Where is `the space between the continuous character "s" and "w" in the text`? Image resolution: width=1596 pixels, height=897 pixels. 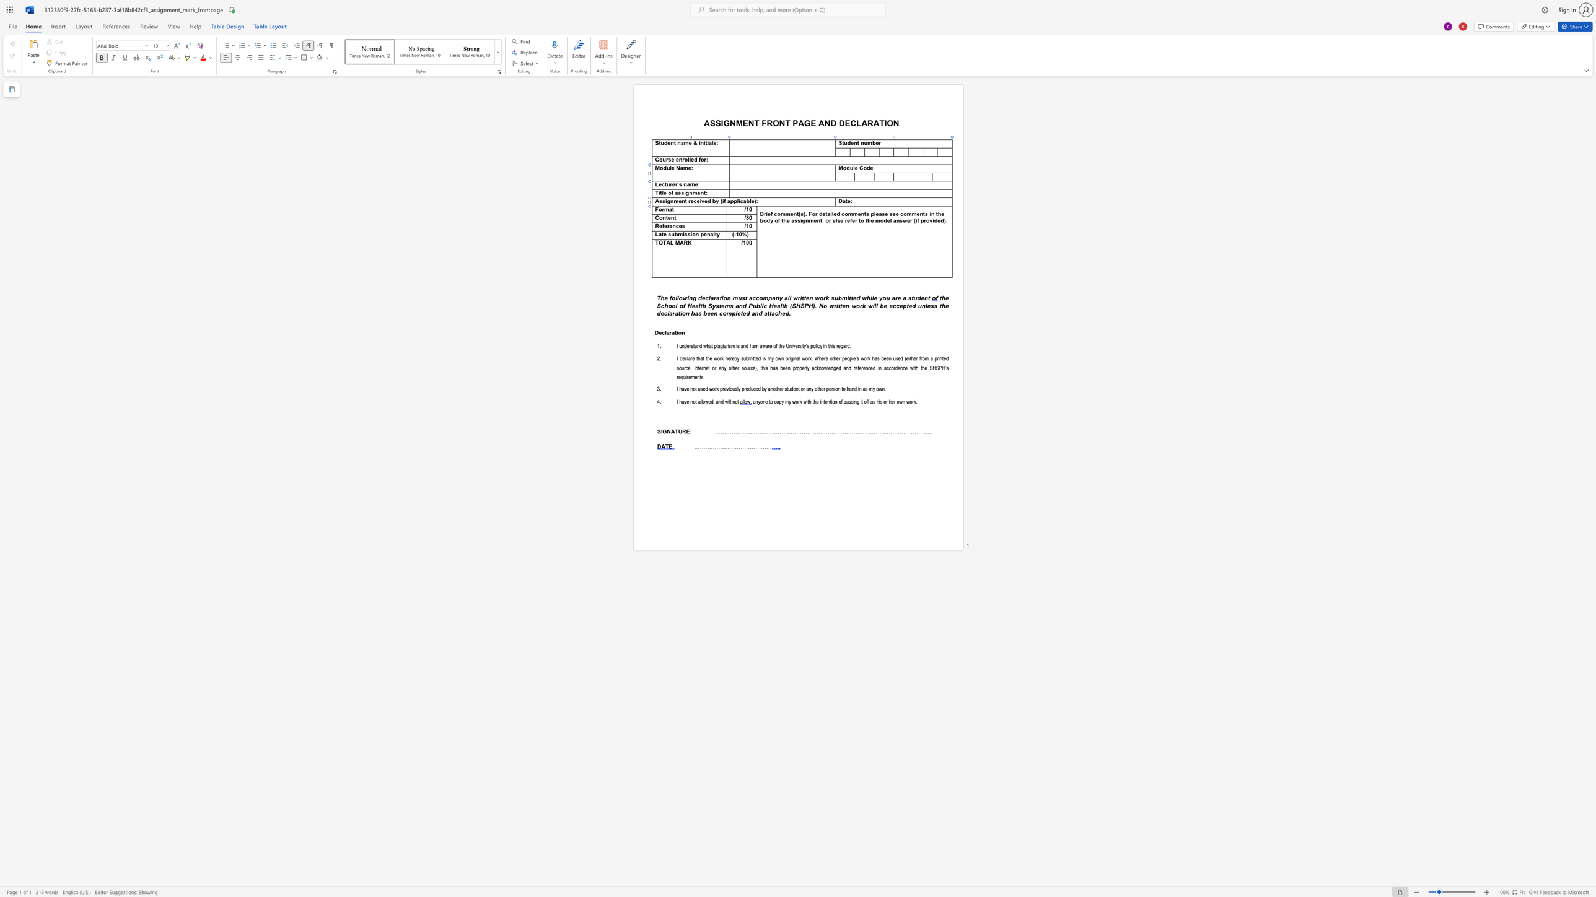 the space between the continuous character "s" and "w" in the text is located at coordinates (903, 220).